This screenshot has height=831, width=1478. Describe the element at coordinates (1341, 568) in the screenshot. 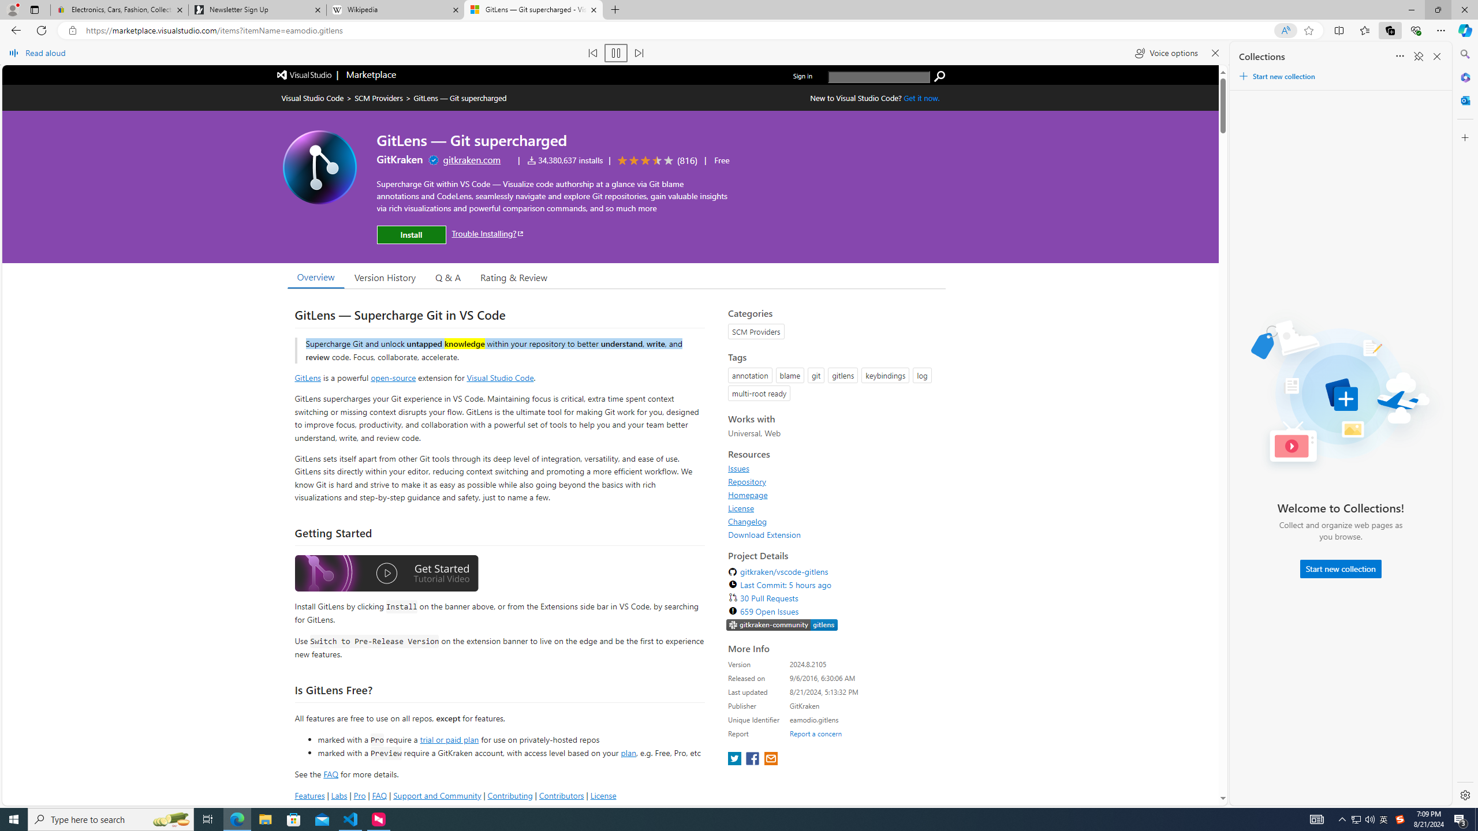

I see `'Start new collection'` at that location.